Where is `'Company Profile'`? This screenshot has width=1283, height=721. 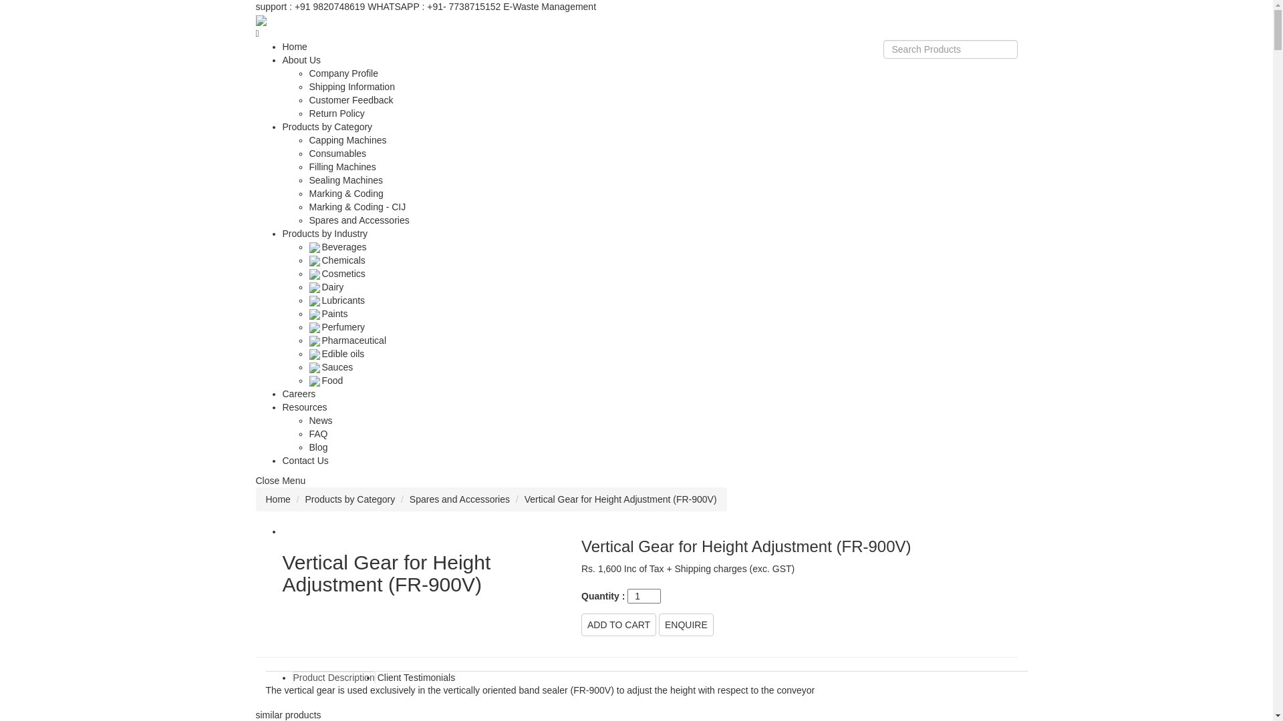 'Company Profile' is located at coordinates (343, 73).